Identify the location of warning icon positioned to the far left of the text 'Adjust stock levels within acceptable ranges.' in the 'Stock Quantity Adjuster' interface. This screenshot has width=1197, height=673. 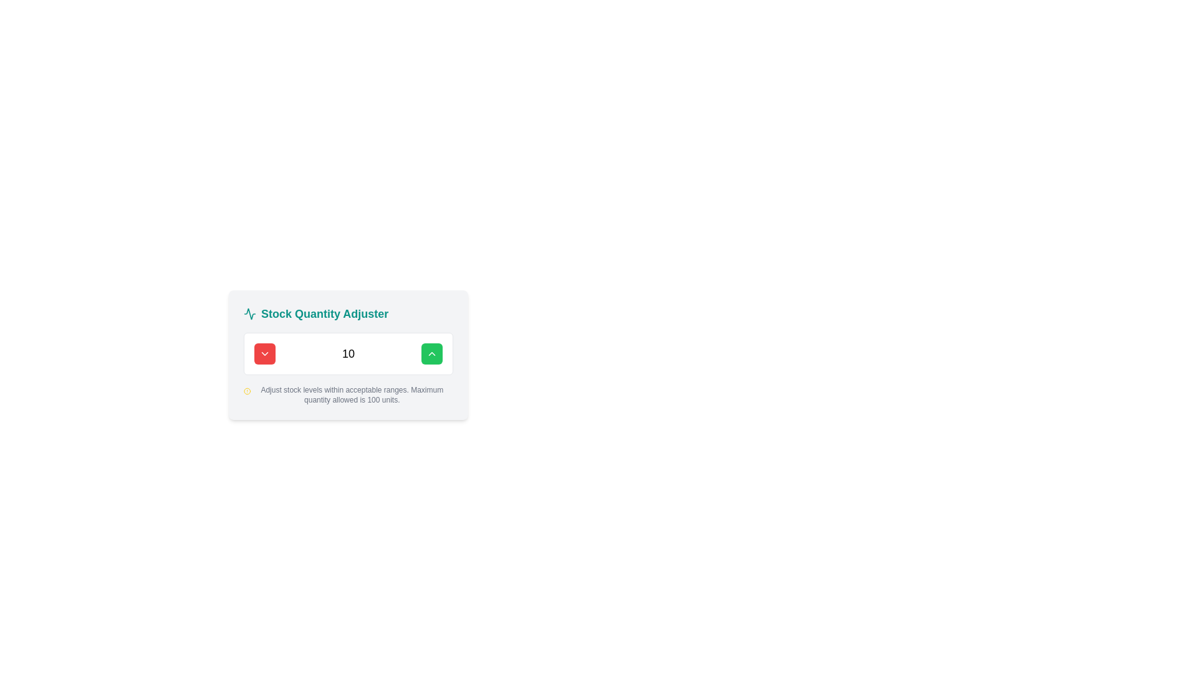
(247, 391).